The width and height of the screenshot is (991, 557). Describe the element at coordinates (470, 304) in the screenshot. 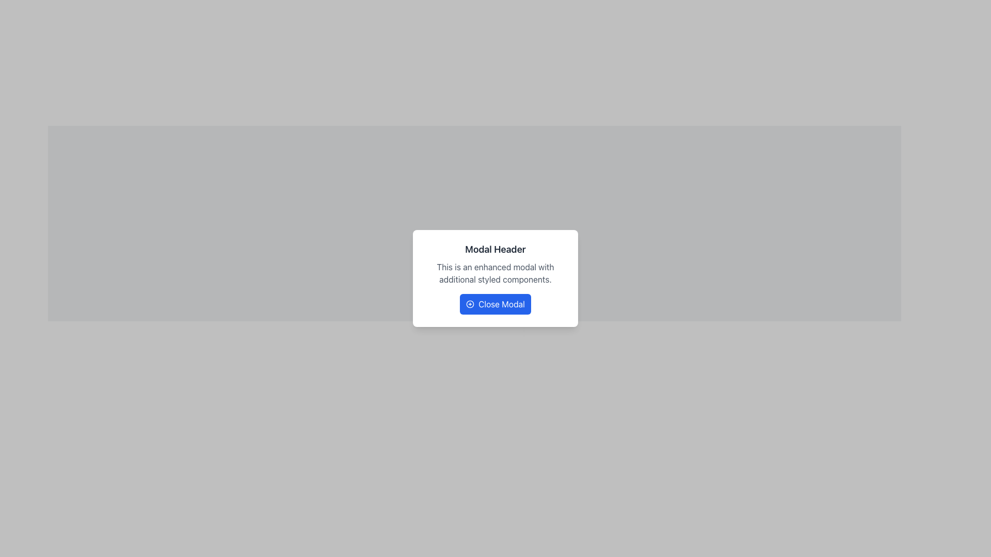

I see `the icon that visually denotes the functionality of the 'Close Modal' button, which is located at the leftmost position of the button` at that location.